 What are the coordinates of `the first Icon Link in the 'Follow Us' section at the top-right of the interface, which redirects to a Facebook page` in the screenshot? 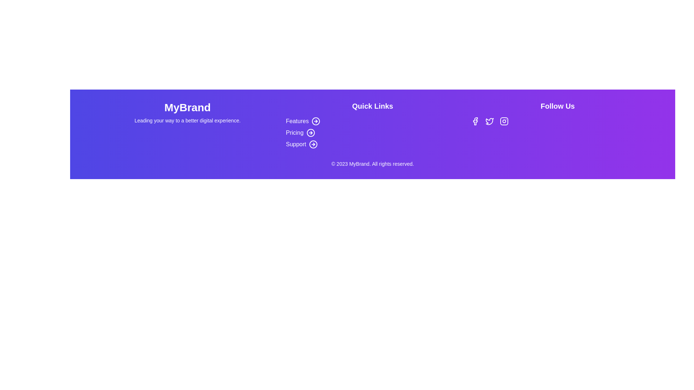 It's located at (475, 121).